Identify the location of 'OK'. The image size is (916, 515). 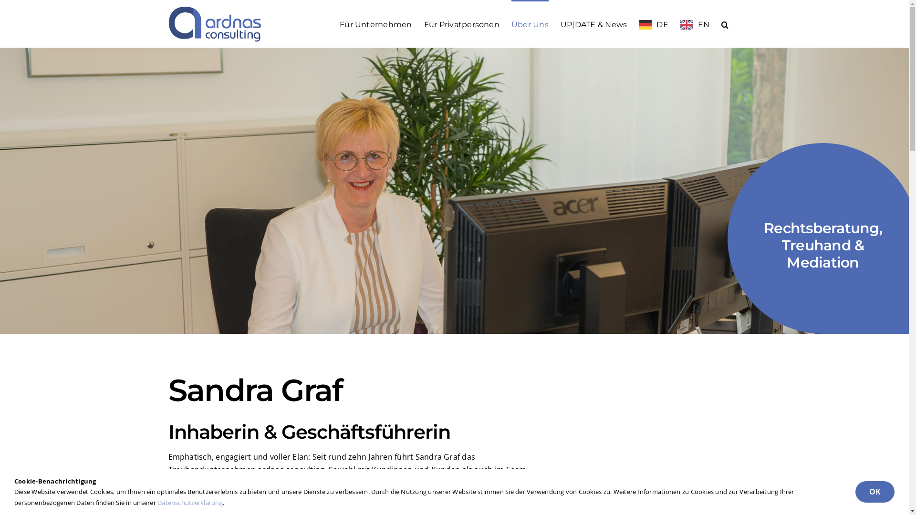
(874, 492).